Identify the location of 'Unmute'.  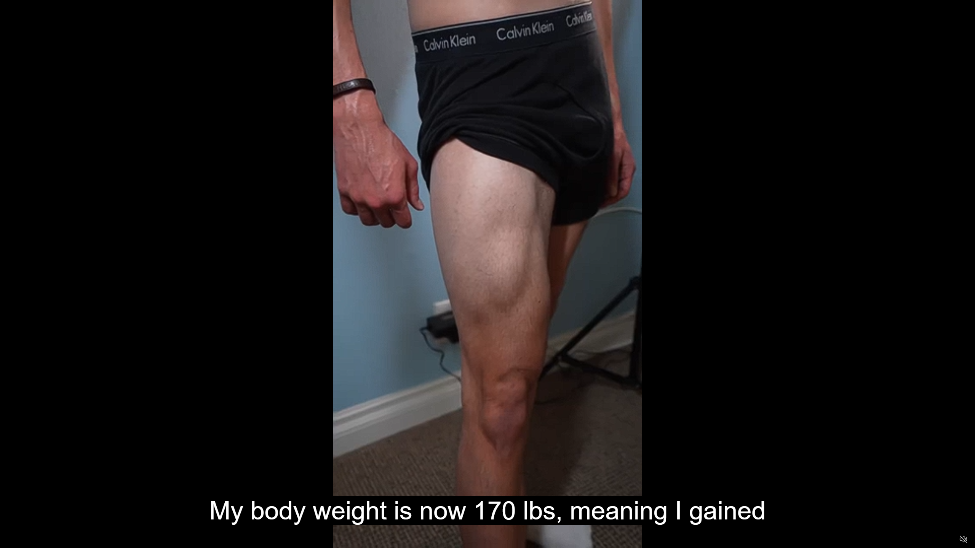
(963, 539).